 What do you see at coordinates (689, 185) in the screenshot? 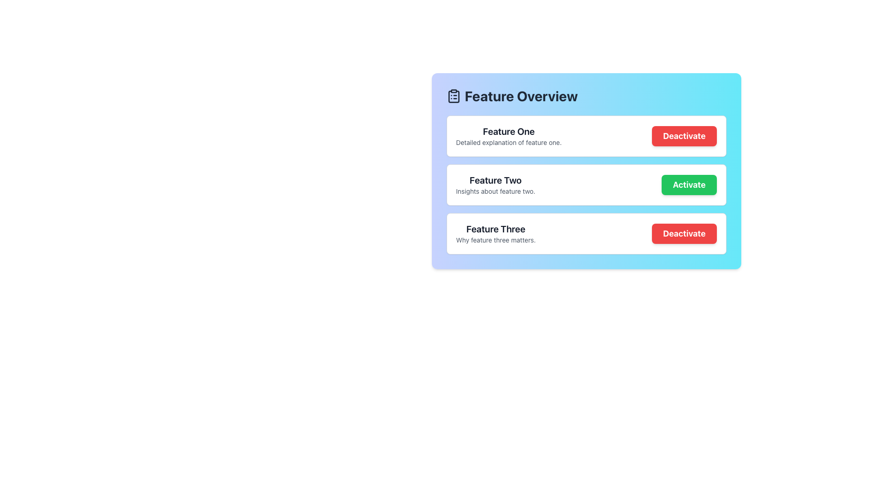
I see `the green button on the right-hand side of the 'Feature Two' section` at bounding box center [689, 185].